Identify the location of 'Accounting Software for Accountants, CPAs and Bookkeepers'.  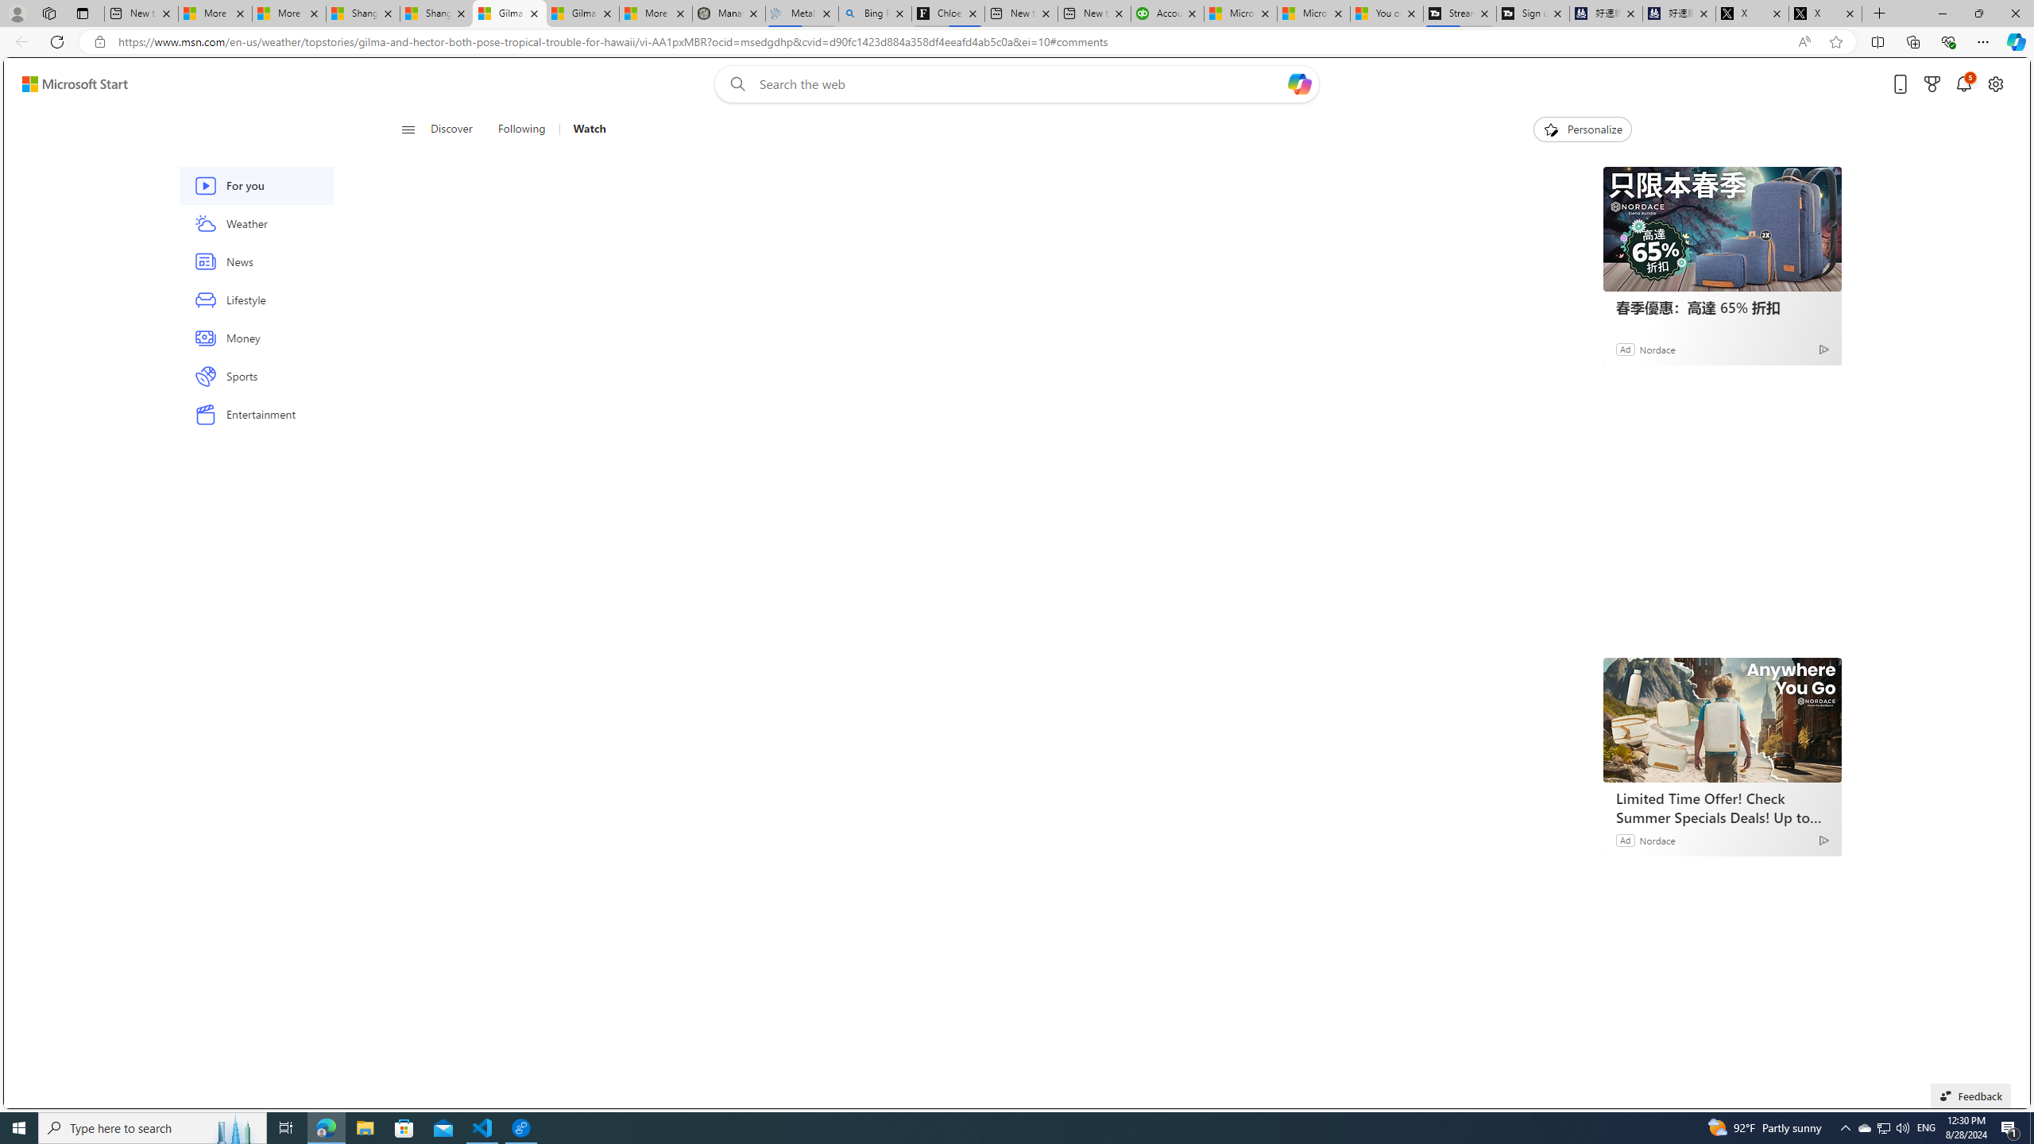
(1166, 13).